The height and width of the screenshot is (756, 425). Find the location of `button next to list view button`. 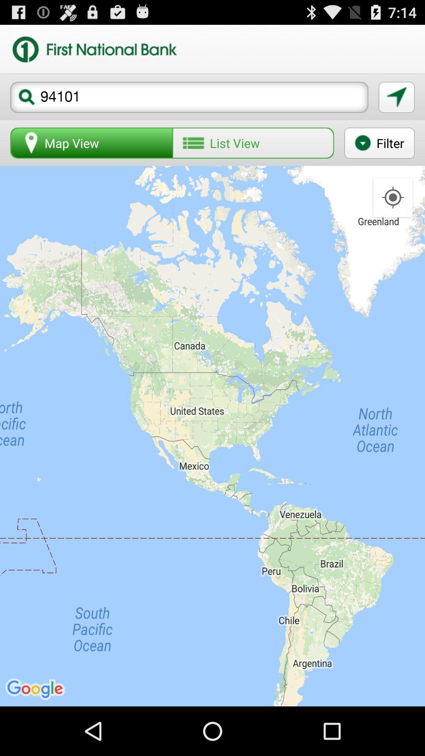

button next to list view button is located at coordinates (379, 143).